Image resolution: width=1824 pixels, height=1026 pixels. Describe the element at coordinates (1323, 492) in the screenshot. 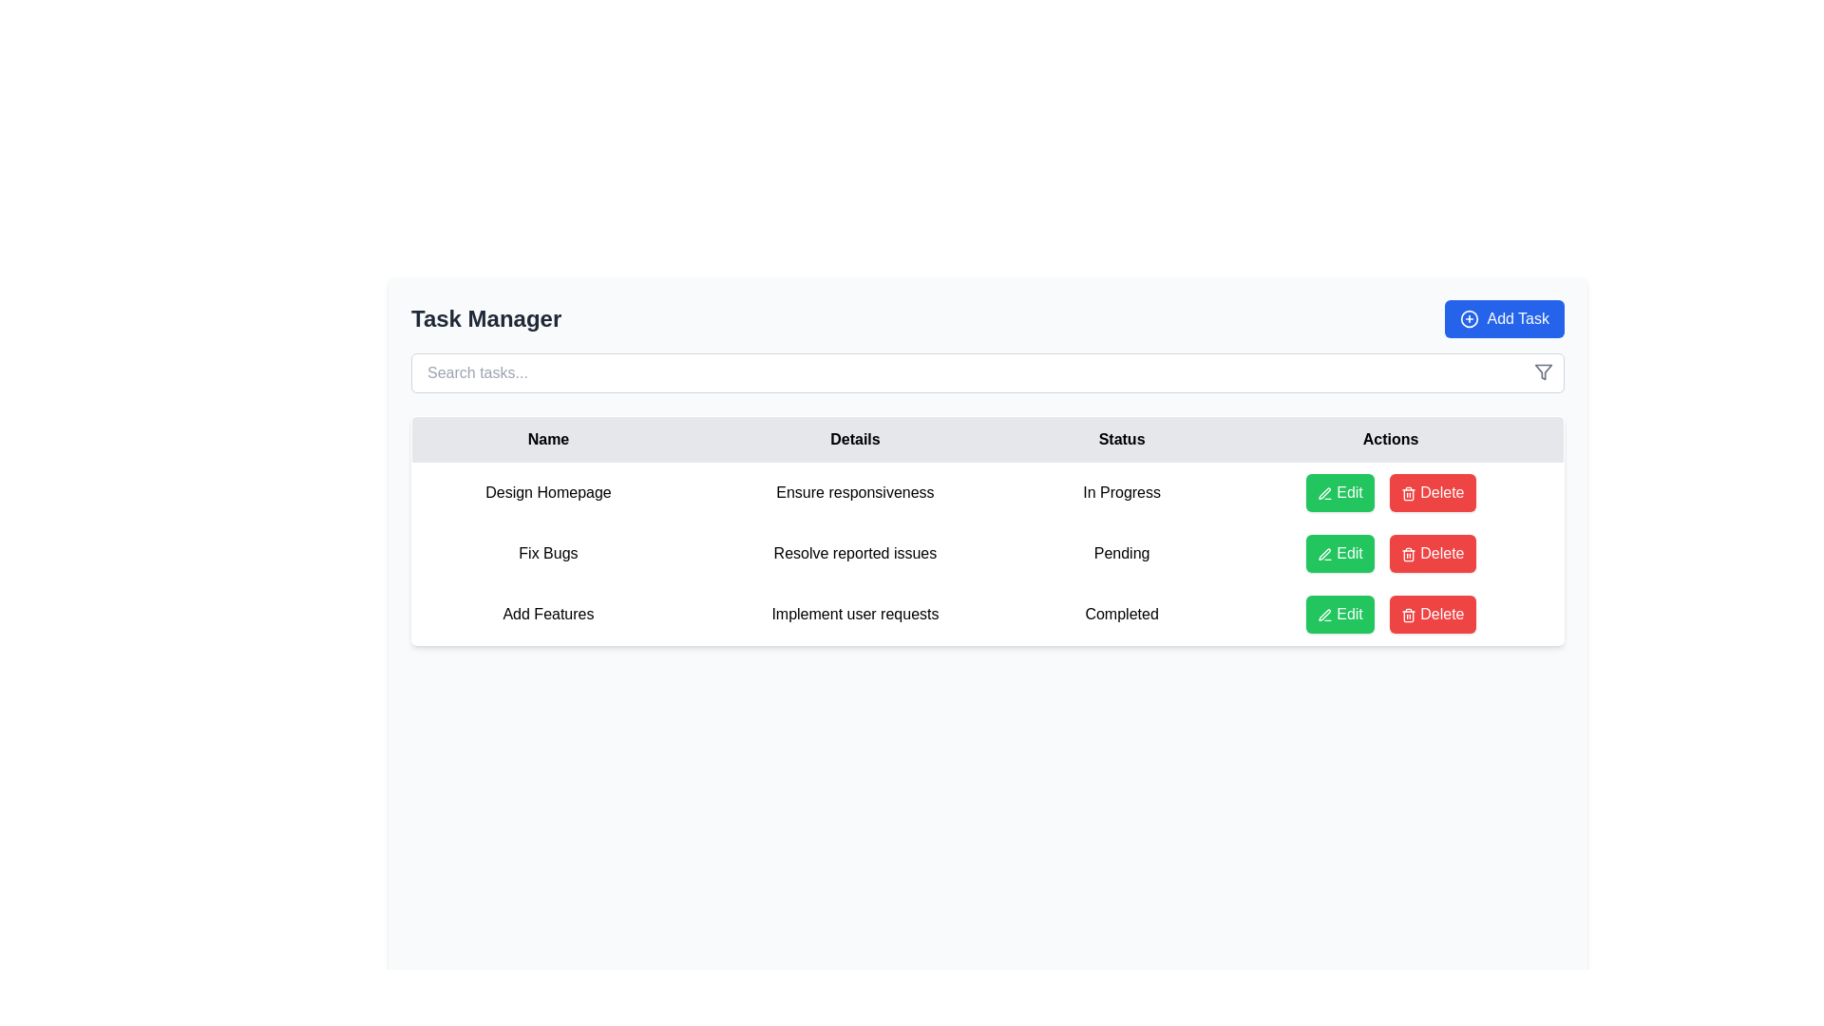

I see `the pen icon within the 'Edit' button located in the 'Actions' column of the first row in the task table to initiate the task editing action` at that location.